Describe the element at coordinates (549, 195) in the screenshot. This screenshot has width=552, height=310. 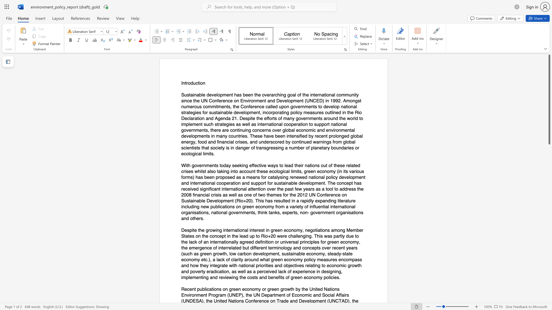
I see `the scrollbar on the right` at that location.